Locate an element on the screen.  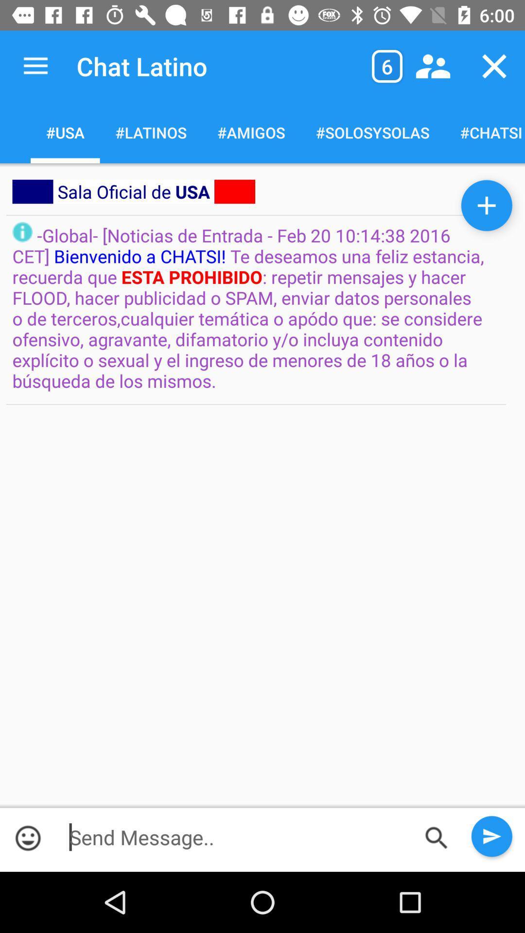
the icon to the right of 6 item is located at coordinates (433, 66).